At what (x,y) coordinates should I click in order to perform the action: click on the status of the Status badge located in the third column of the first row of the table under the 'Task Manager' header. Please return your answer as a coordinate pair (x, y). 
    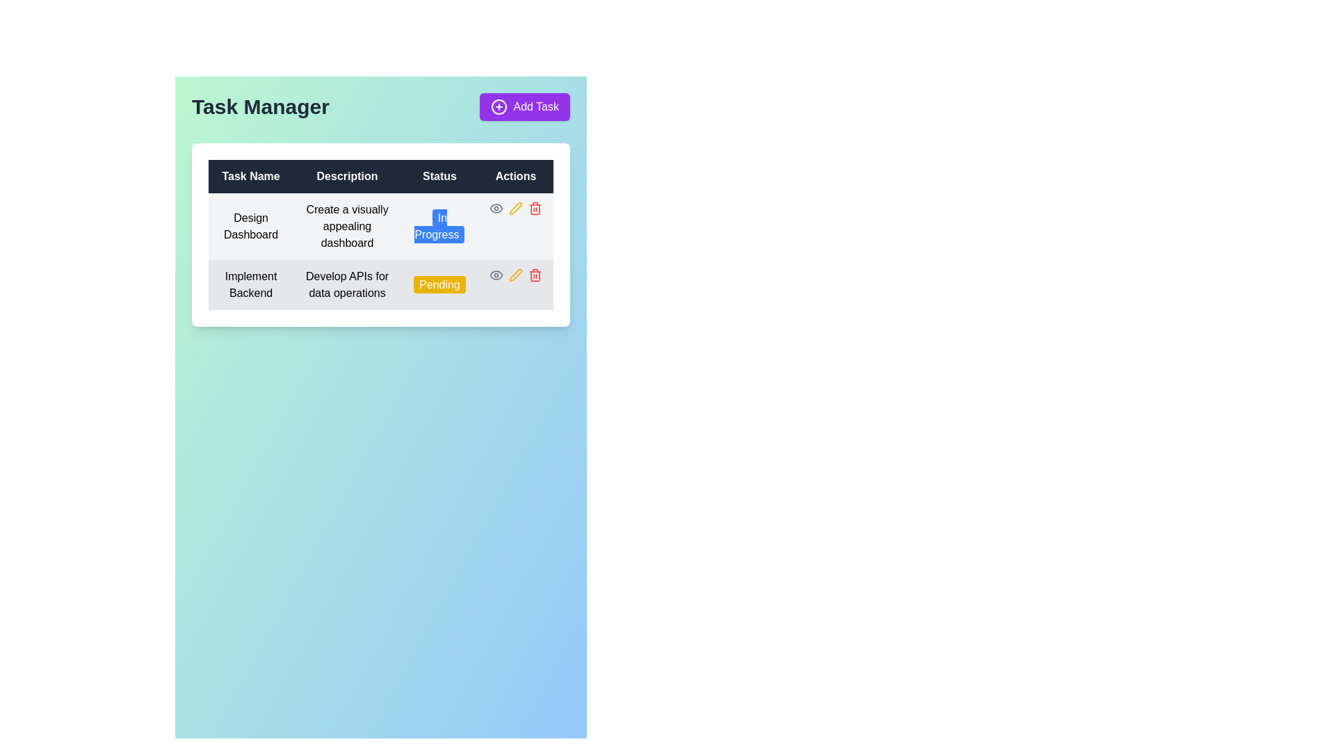
    Looking at the image, I should click on (439, 226).